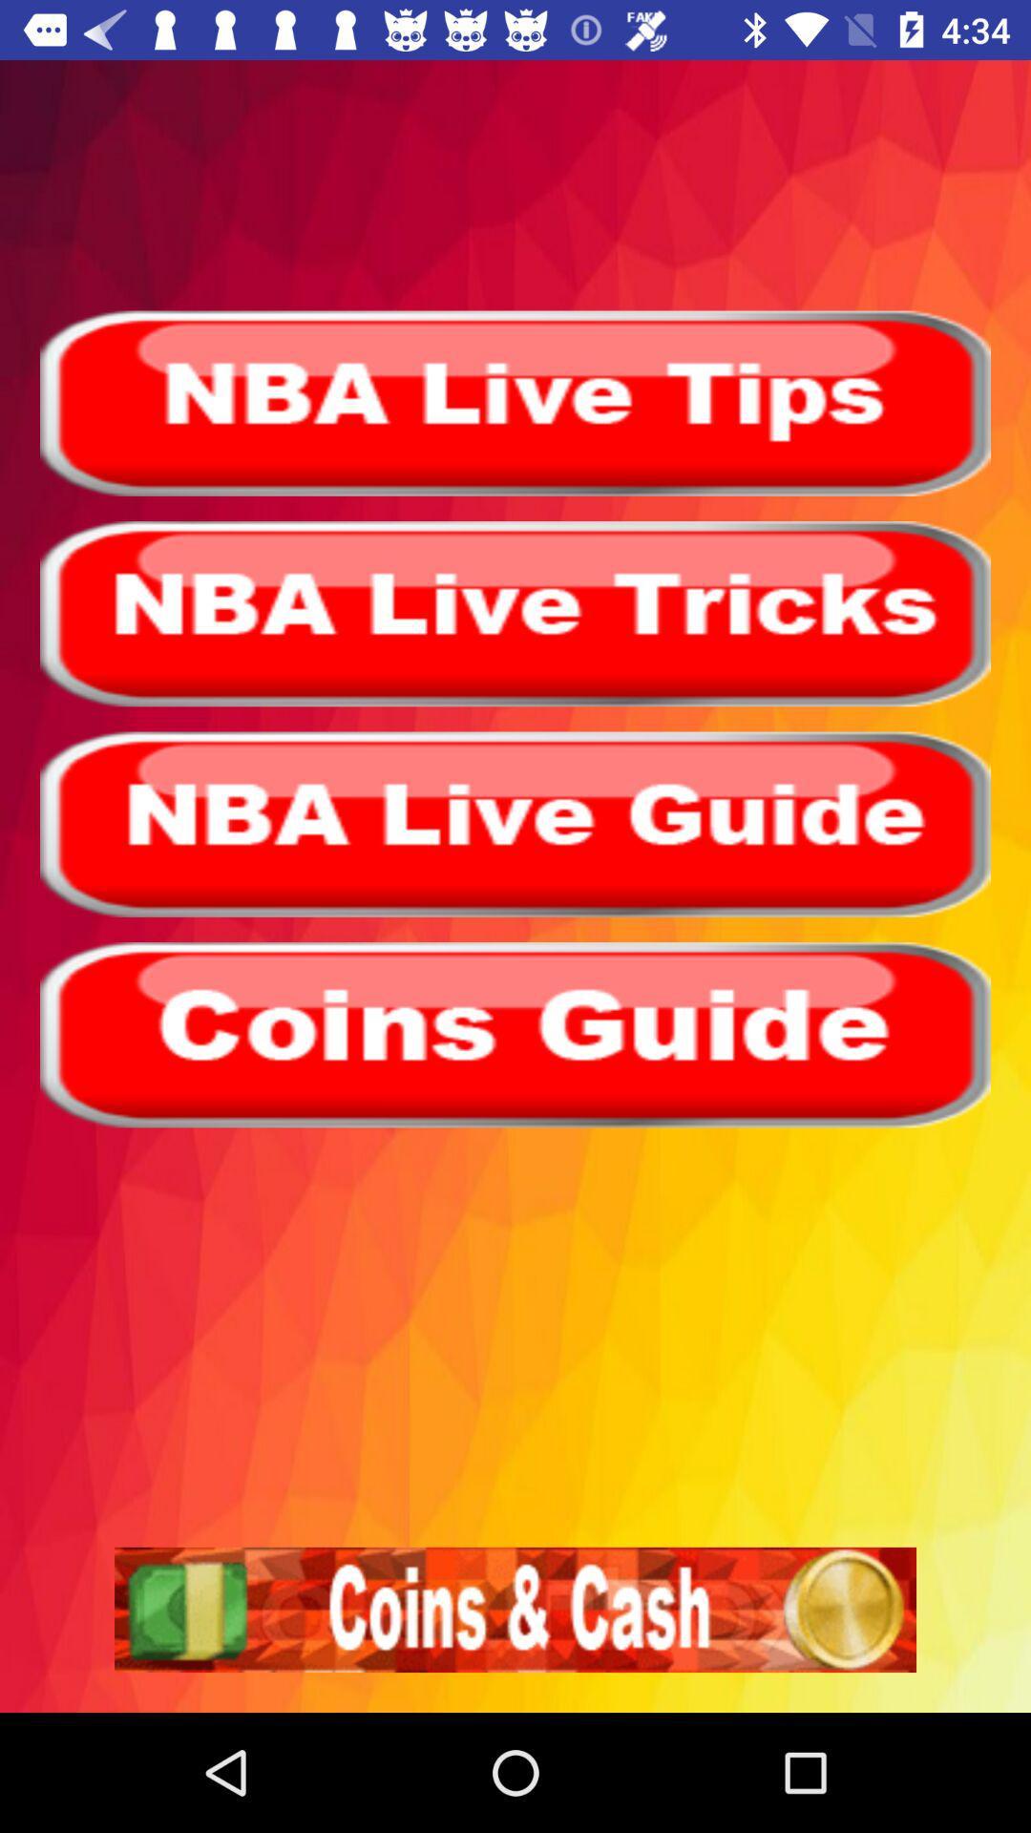 The image size is (1031, 1833). Describe the element at coordinates (515, 824) in the screenshot. I see `to go to details of nba live guide` at that location.